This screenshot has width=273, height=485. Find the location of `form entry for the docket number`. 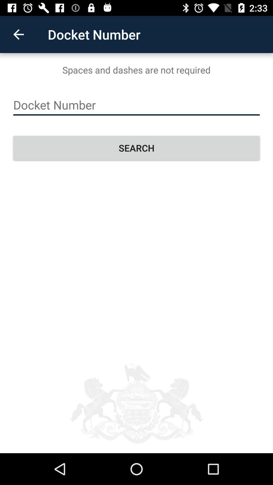

form entry for the docket number is located at coordinates (136, 105).